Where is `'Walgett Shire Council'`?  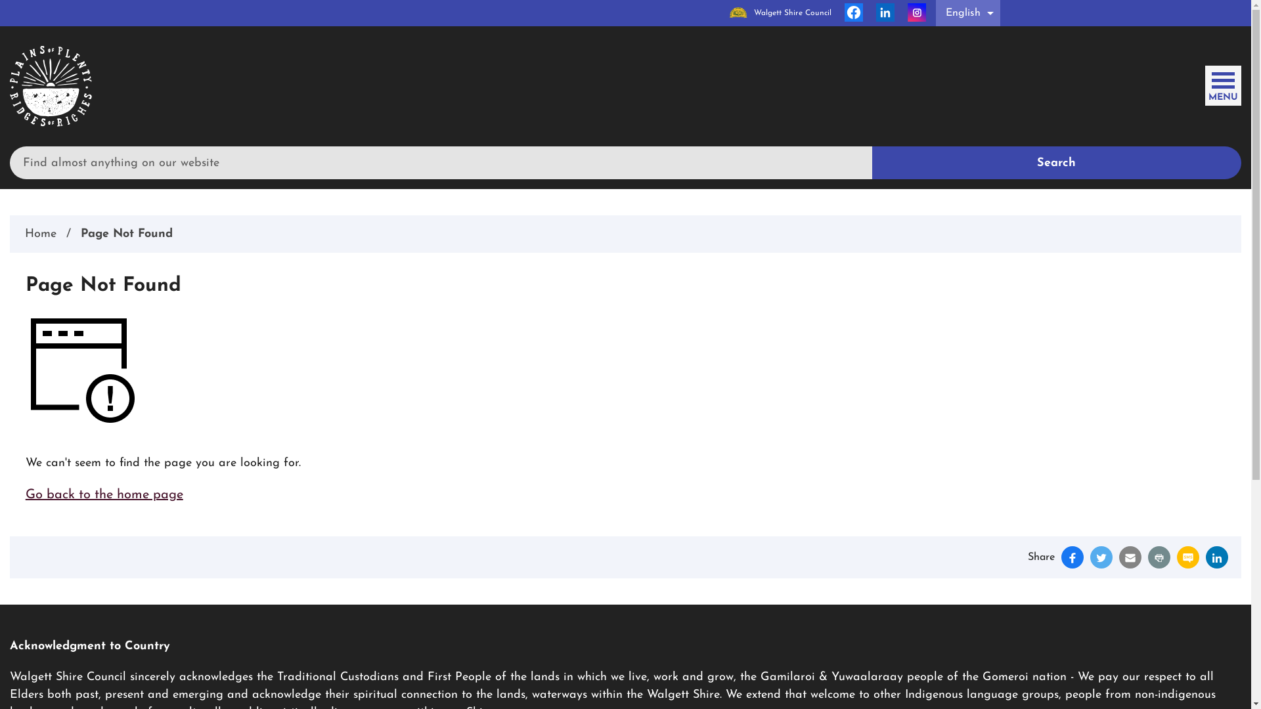 'Walgett Shire Council' is located at coordinates (780, 12).